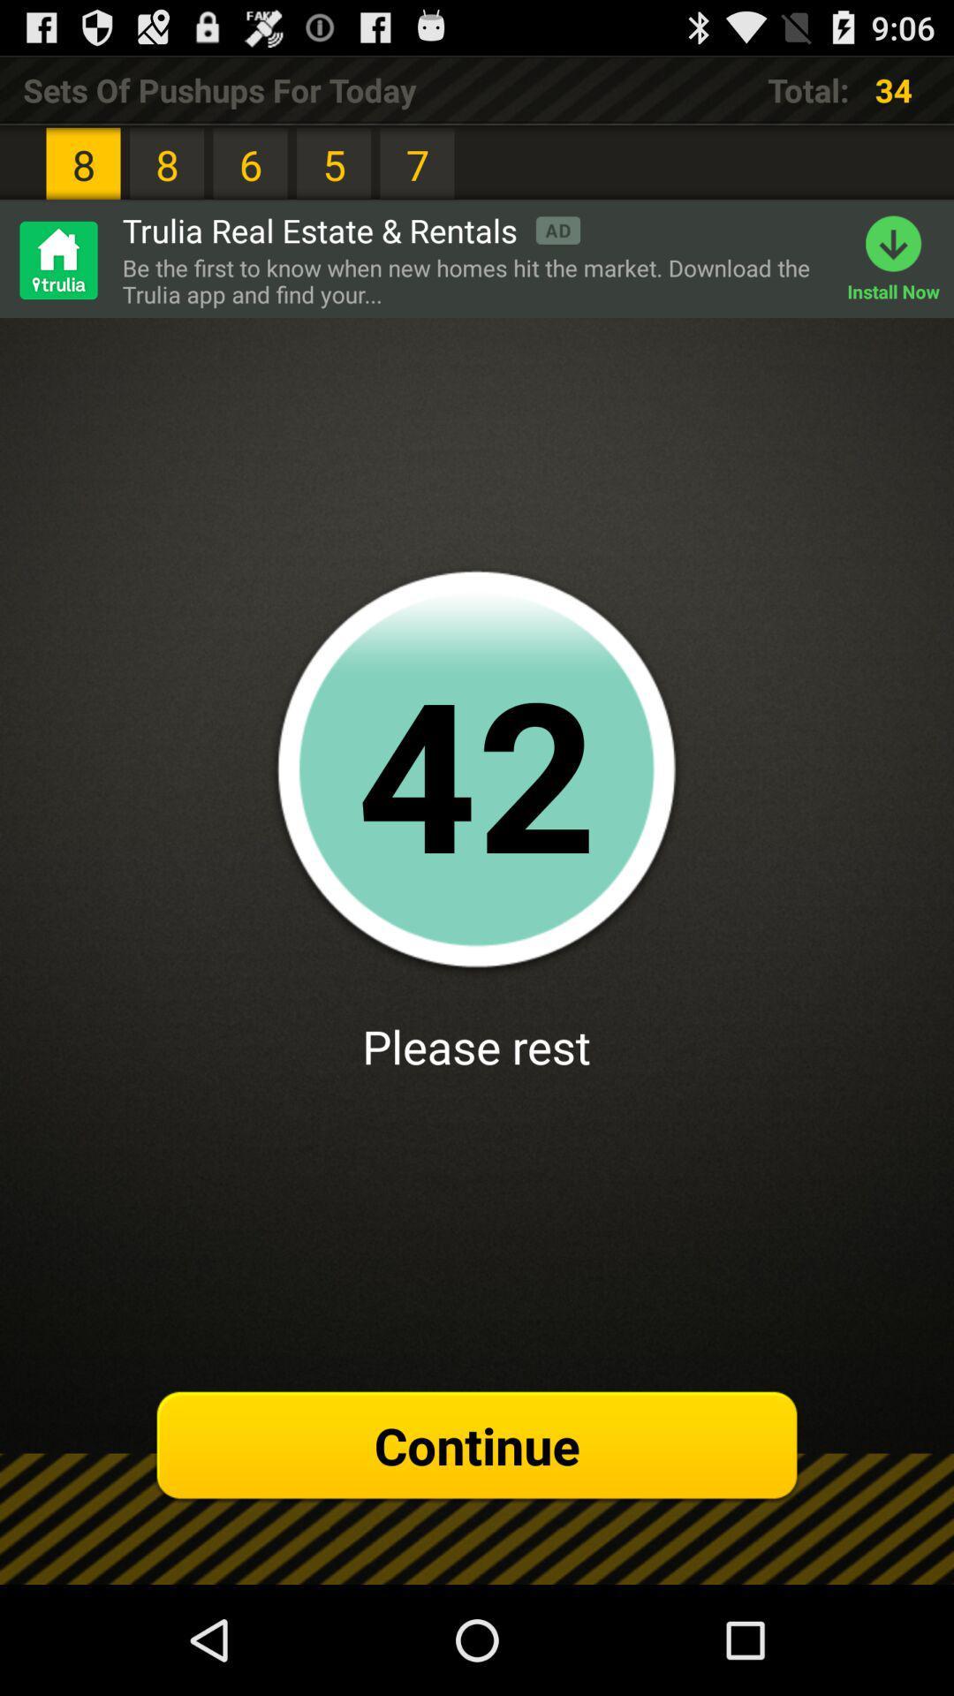  I want to click on the trulia real estate item, so click(351, 229).